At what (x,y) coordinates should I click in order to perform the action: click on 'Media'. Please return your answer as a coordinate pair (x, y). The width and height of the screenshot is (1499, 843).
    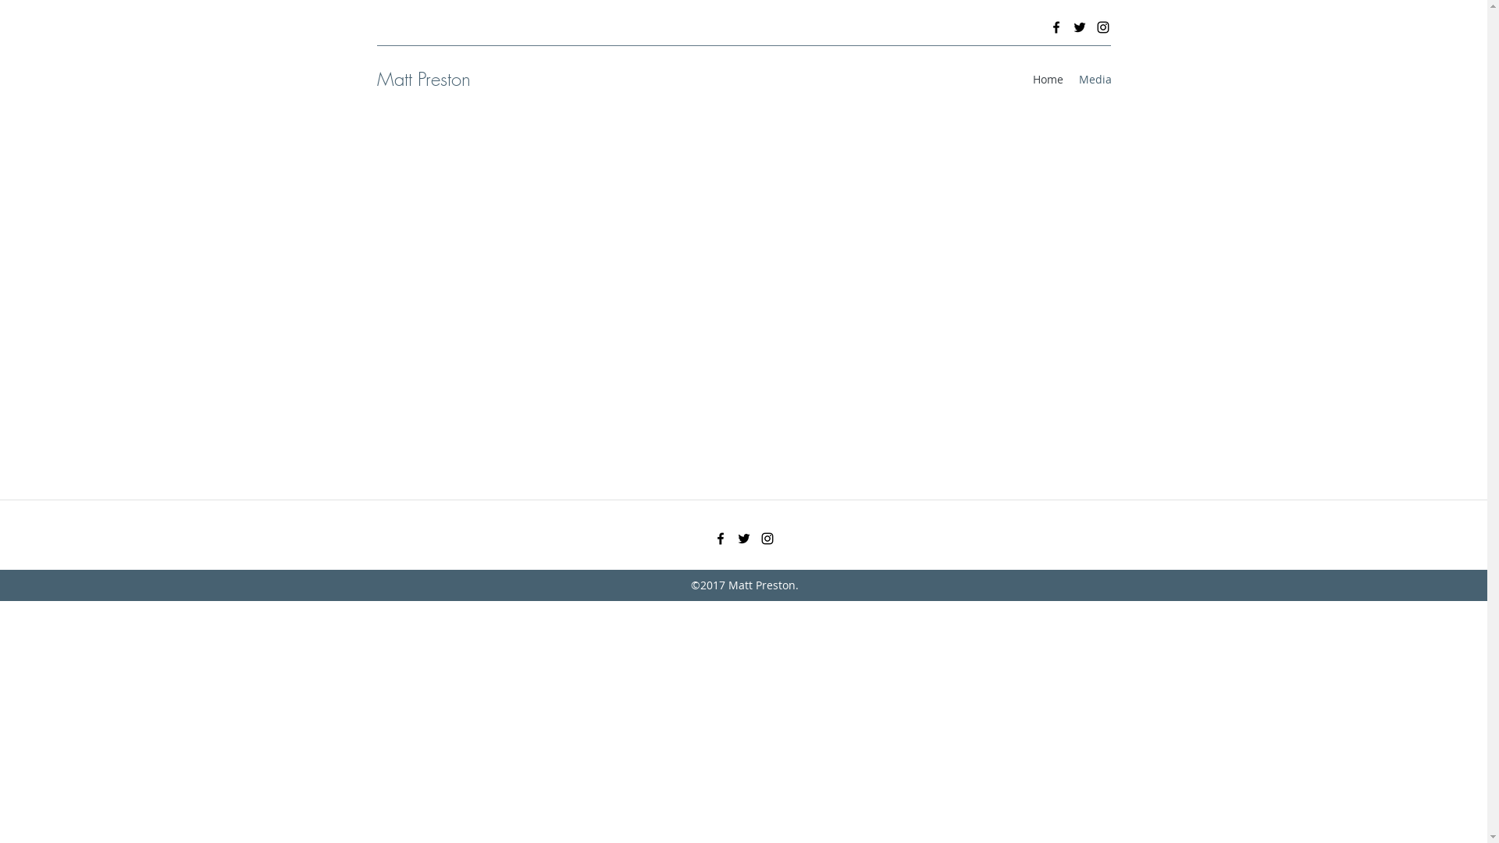
    Looking at the image, I should click on (1070, 79).